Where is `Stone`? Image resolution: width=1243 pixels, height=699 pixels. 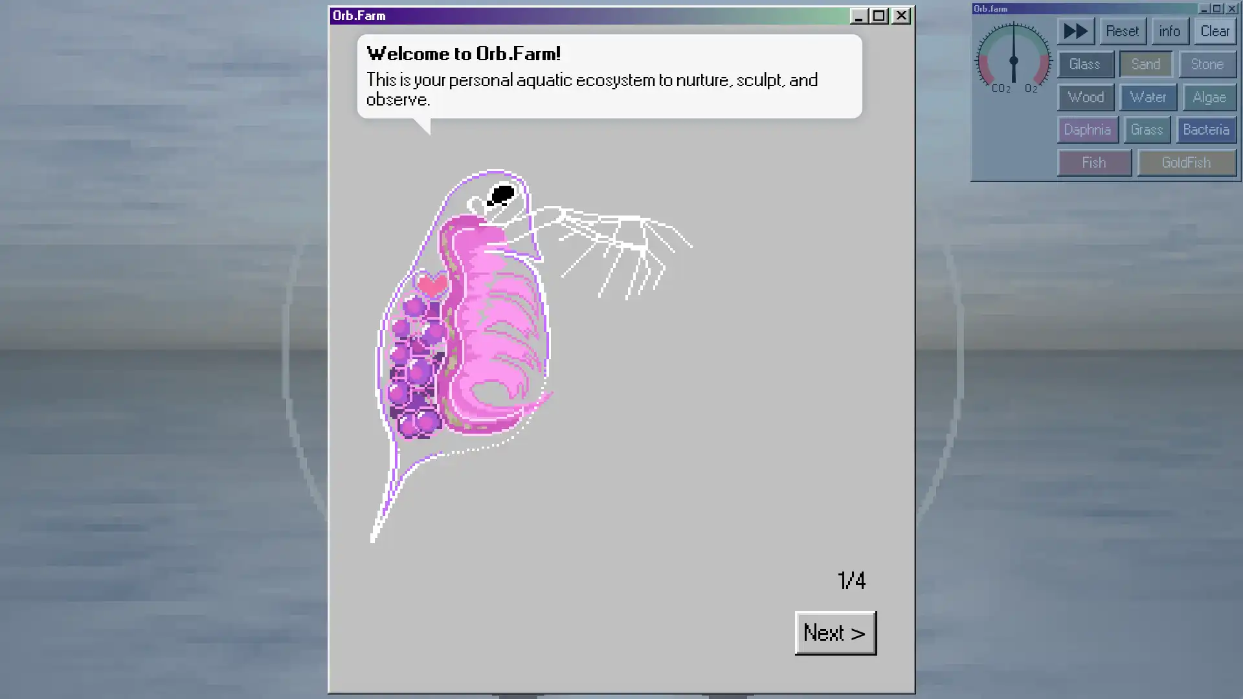 Stone is located at coordinates (644, 33).